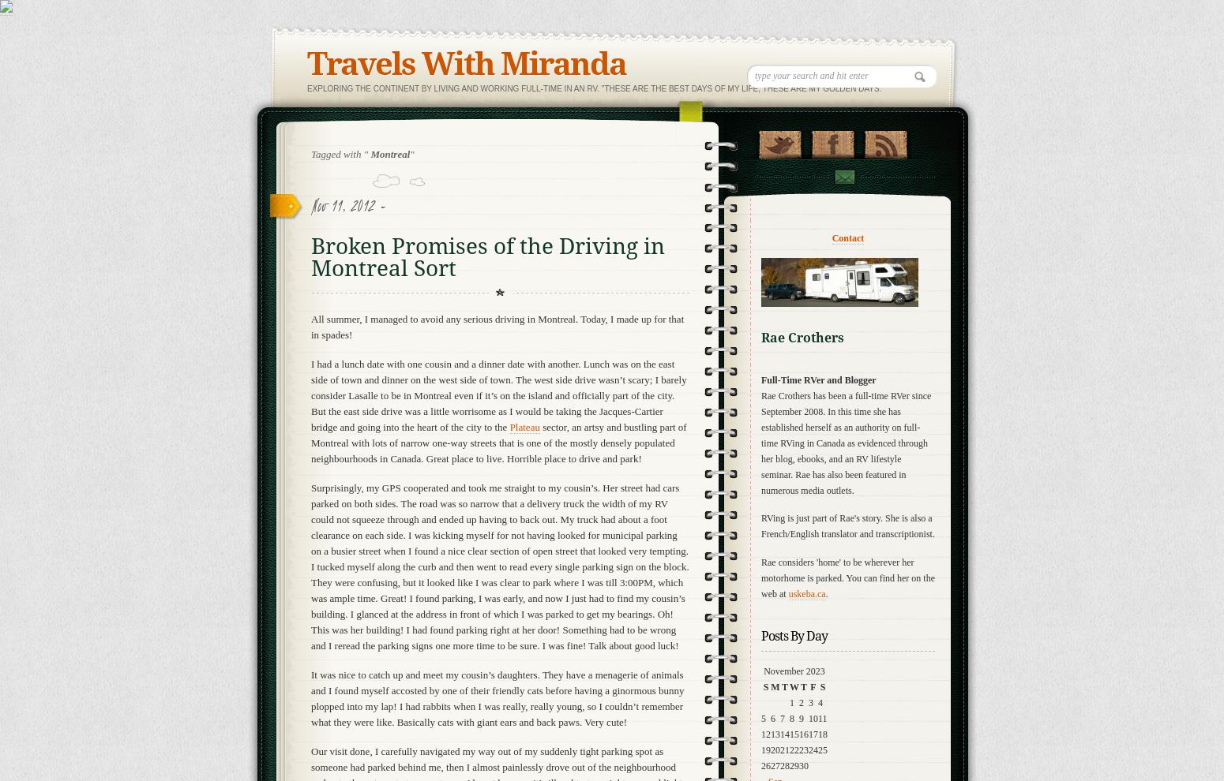 Image resolution: width=1224 pixels, height=781 pixels. What do you see at coordinates (802, 336) in the screenshot?
I see `'Rae Crothers'` at bounding box center [802, 336].